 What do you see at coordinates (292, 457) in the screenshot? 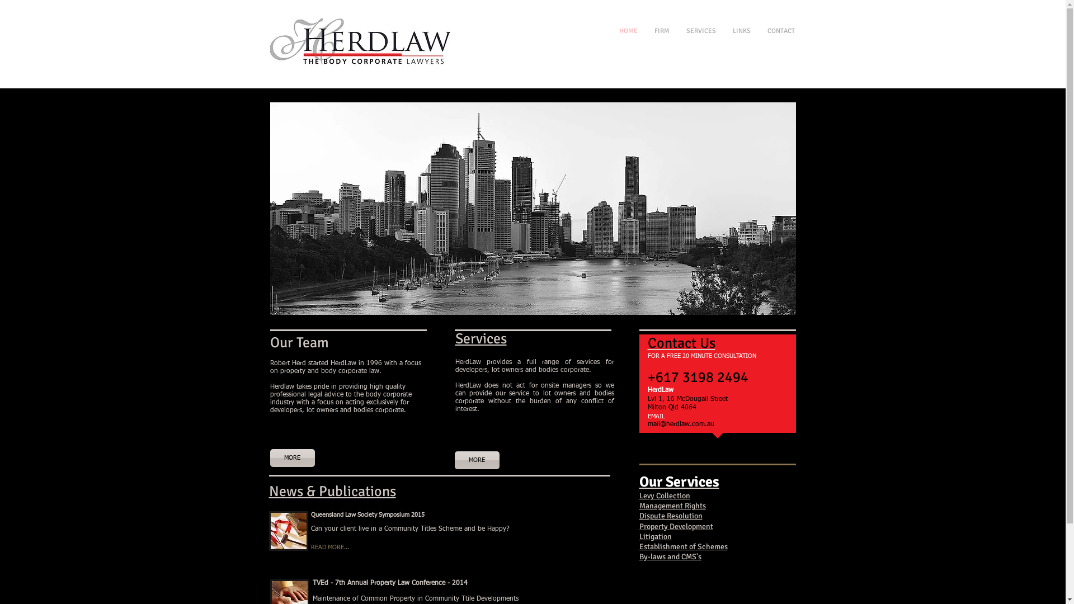
I see `'MORE'` at bounding box center [292, 457].